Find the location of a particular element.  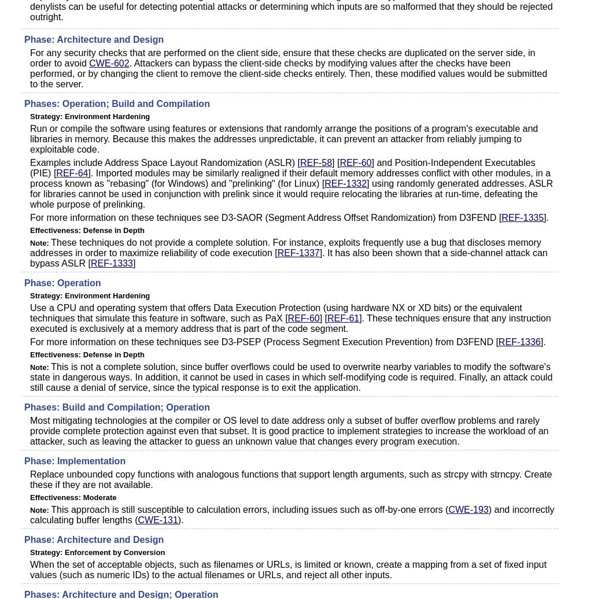

'Strategy:  Enforcement by Conversion' is located at coordinates (97, 552).